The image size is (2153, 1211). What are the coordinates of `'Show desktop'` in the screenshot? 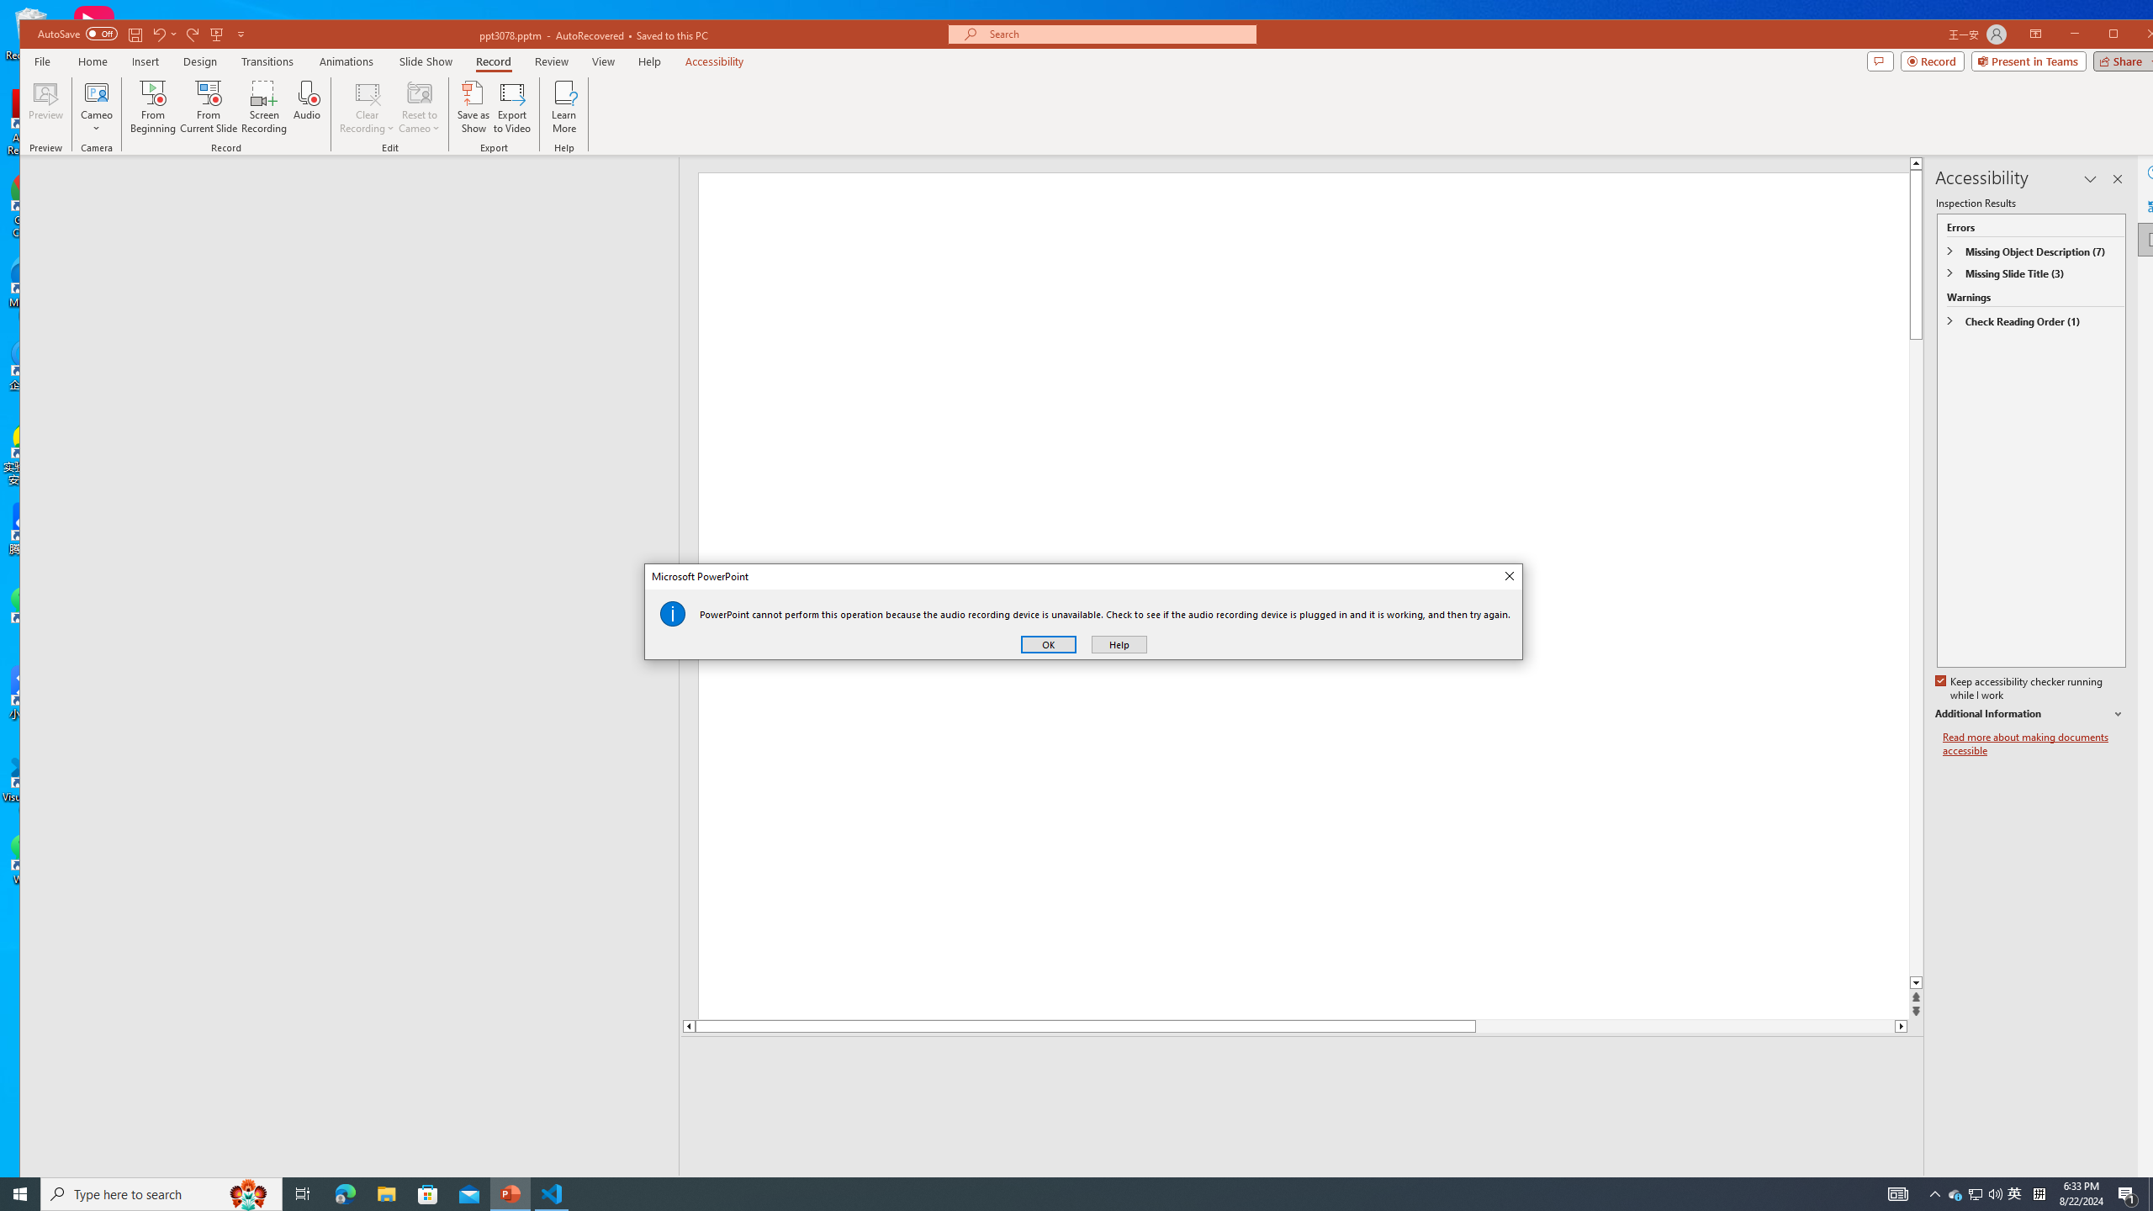 It's located at (2150, 1192).